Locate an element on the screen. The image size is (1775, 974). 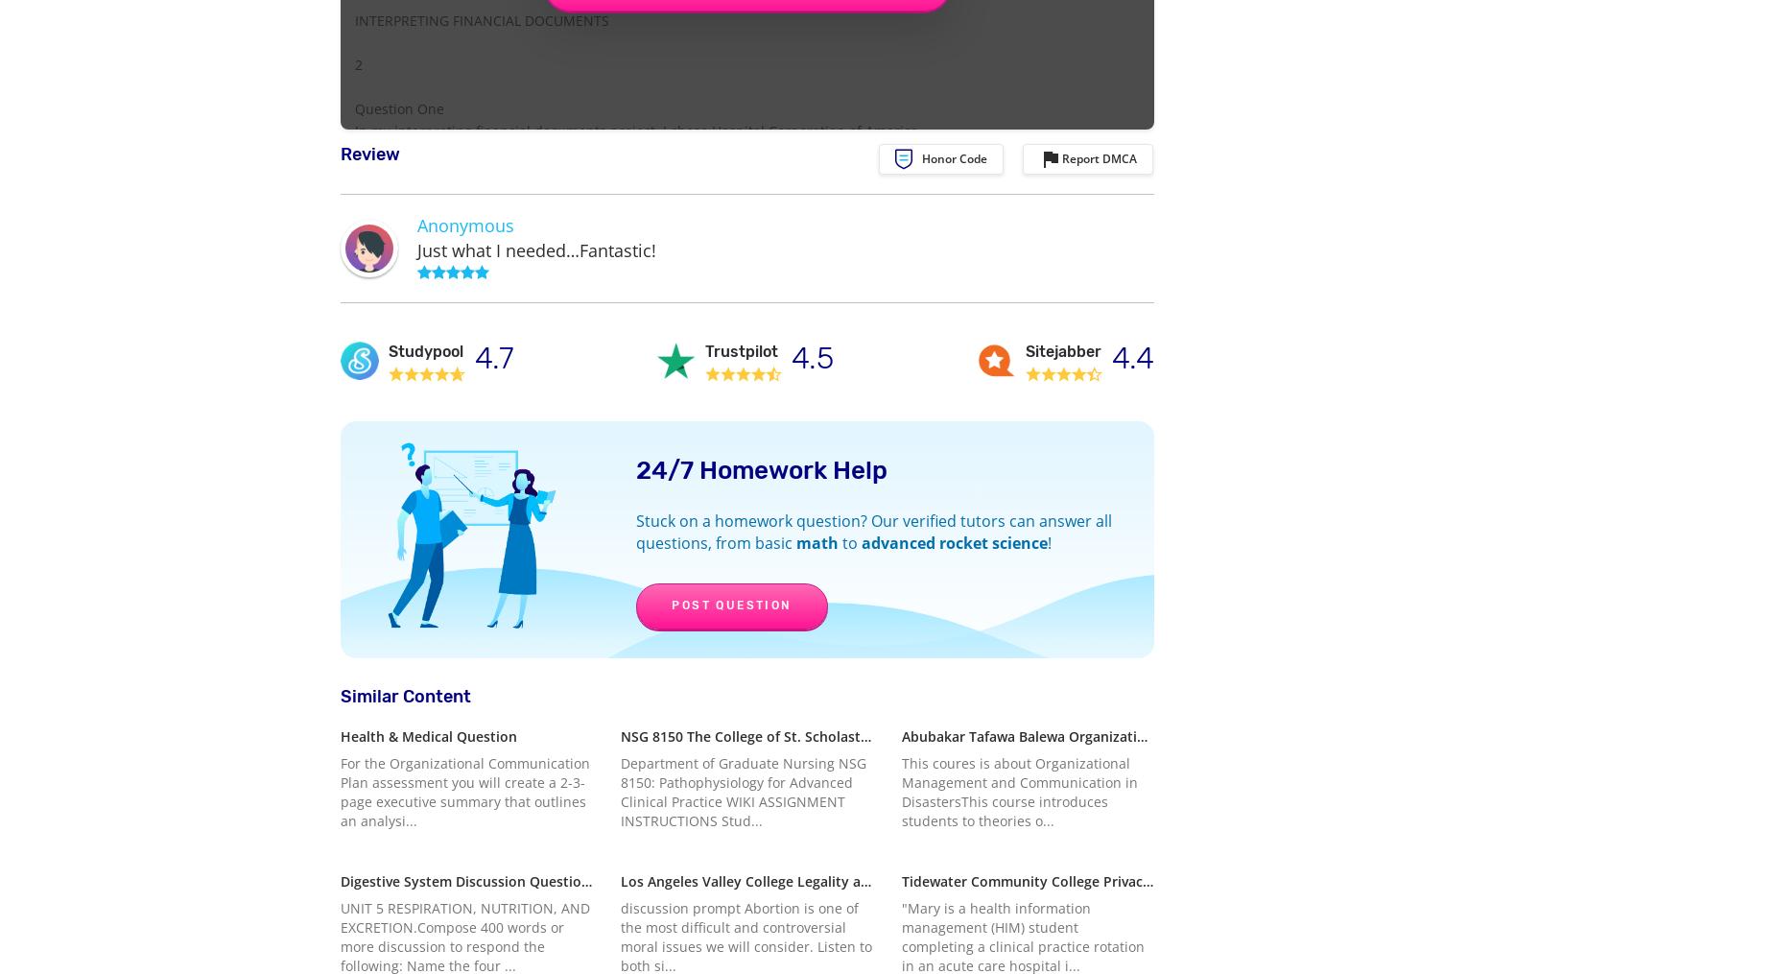
'Anonymous' is located at coordinates (465, 225).